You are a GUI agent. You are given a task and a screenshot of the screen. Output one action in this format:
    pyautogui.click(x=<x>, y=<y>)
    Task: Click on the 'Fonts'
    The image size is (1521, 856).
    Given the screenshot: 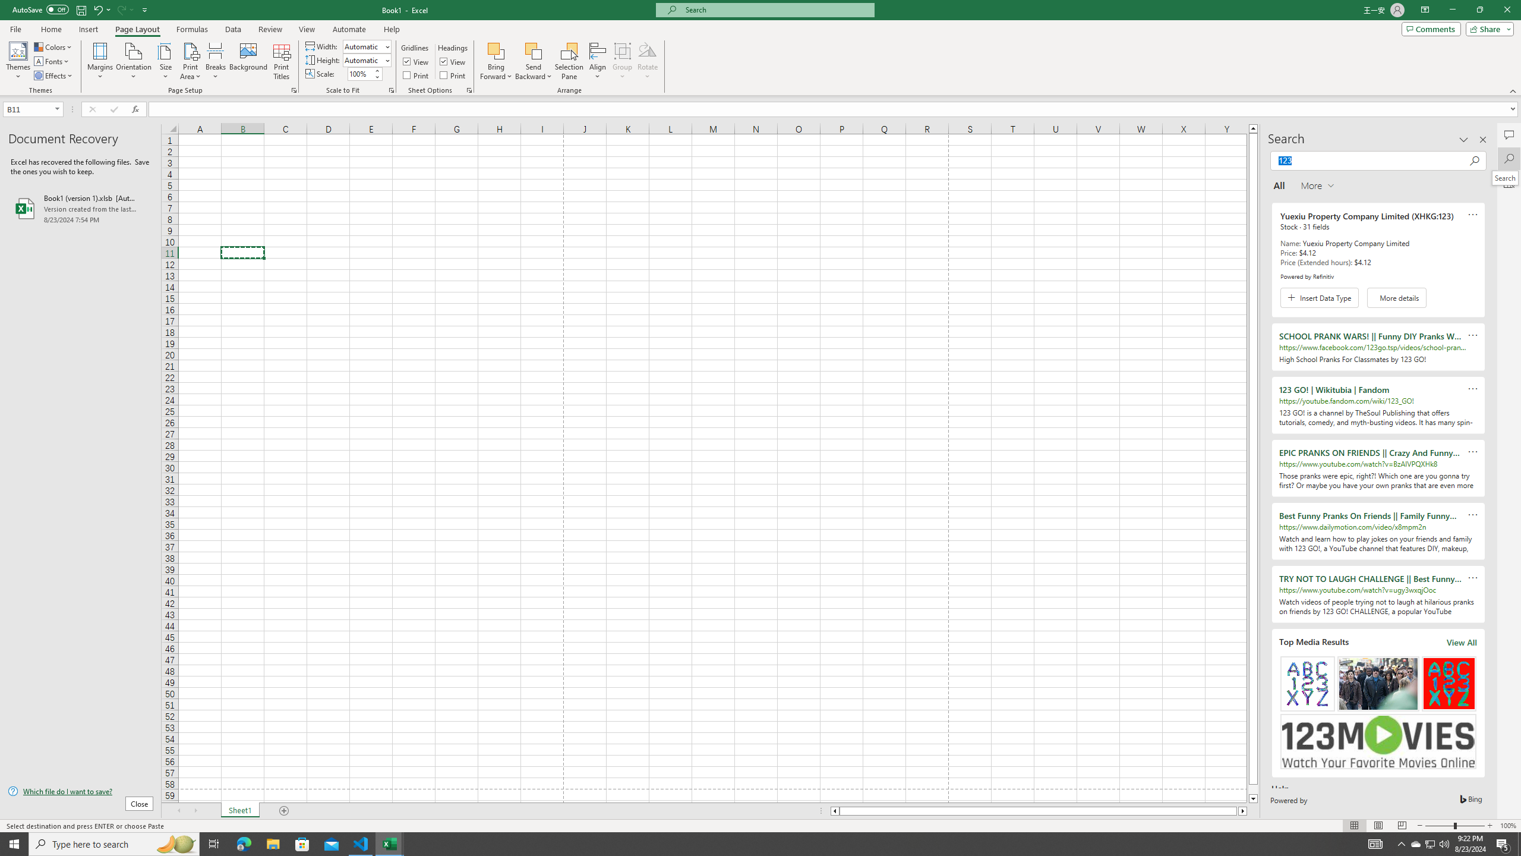 What is the action you would take?
    pyautogui.click(x=52, y=61)
    